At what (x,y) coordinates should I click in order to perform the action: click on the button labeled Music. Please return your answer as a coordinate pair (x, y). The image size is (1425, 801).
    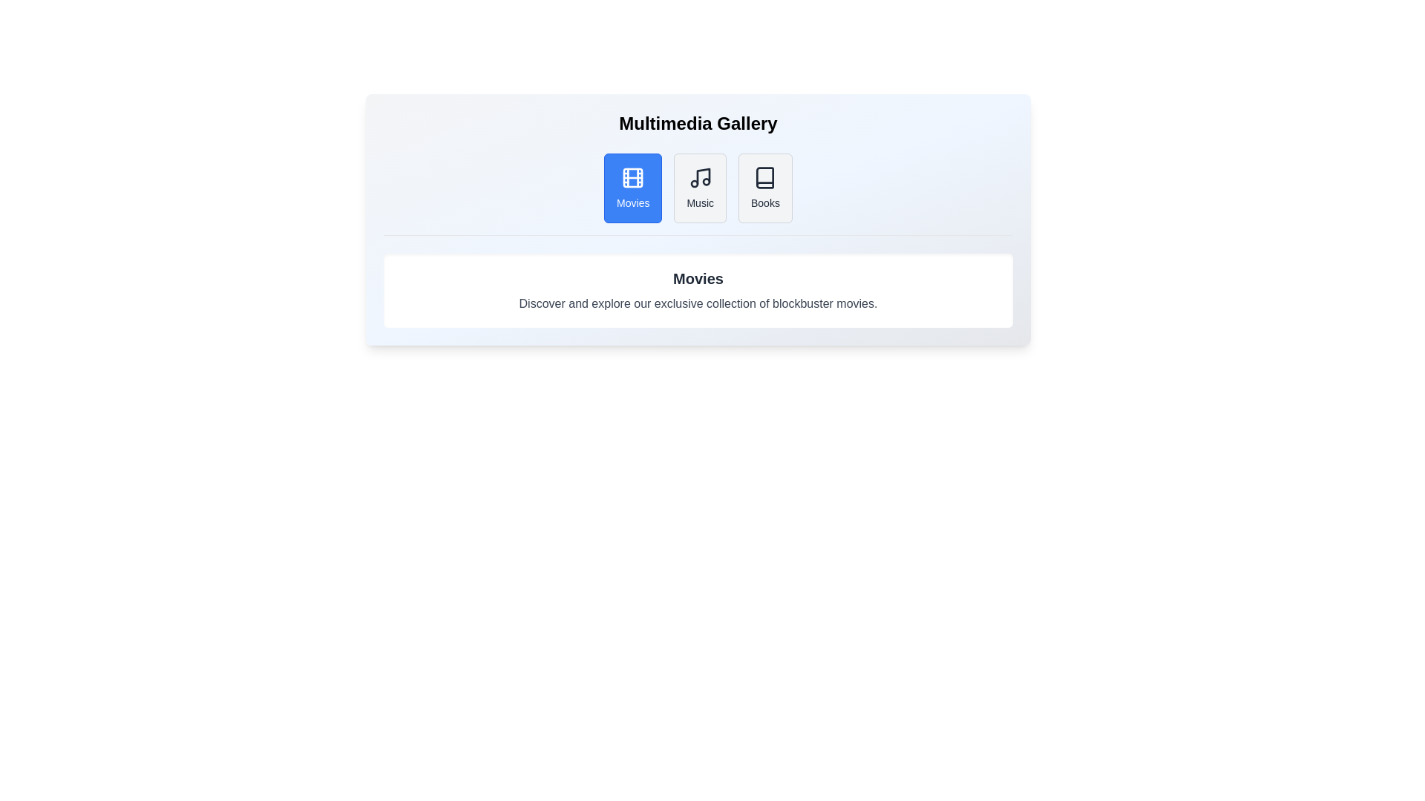
    Looking at the image, I should click on (699, 188).